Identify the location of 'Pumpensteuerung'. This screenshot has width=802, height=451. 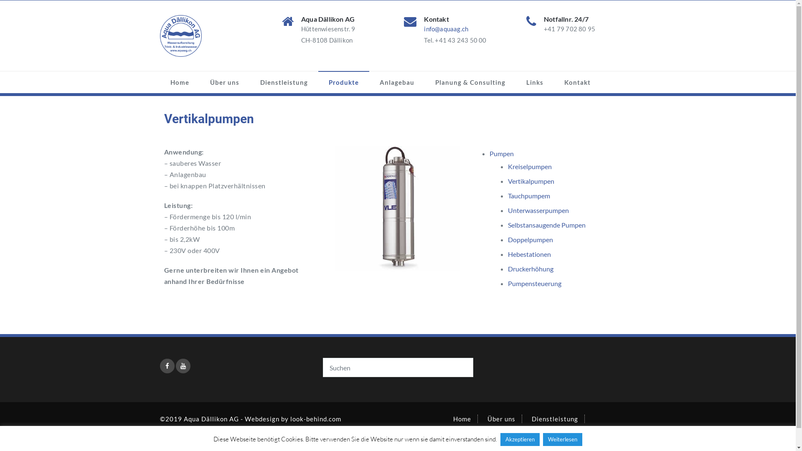
(535, 283).